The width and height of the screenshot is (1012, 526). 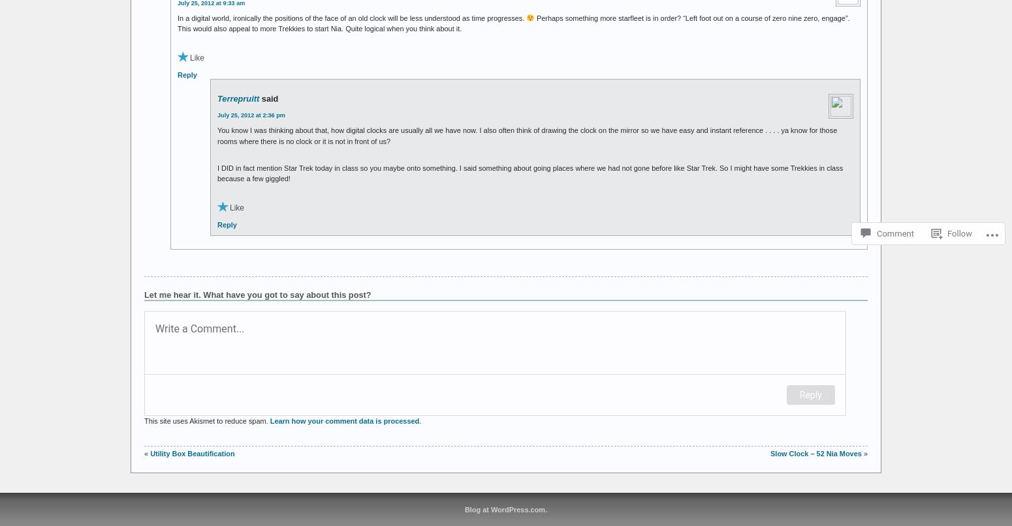 I want to click on 'Follow', so click(x=958, y=233).